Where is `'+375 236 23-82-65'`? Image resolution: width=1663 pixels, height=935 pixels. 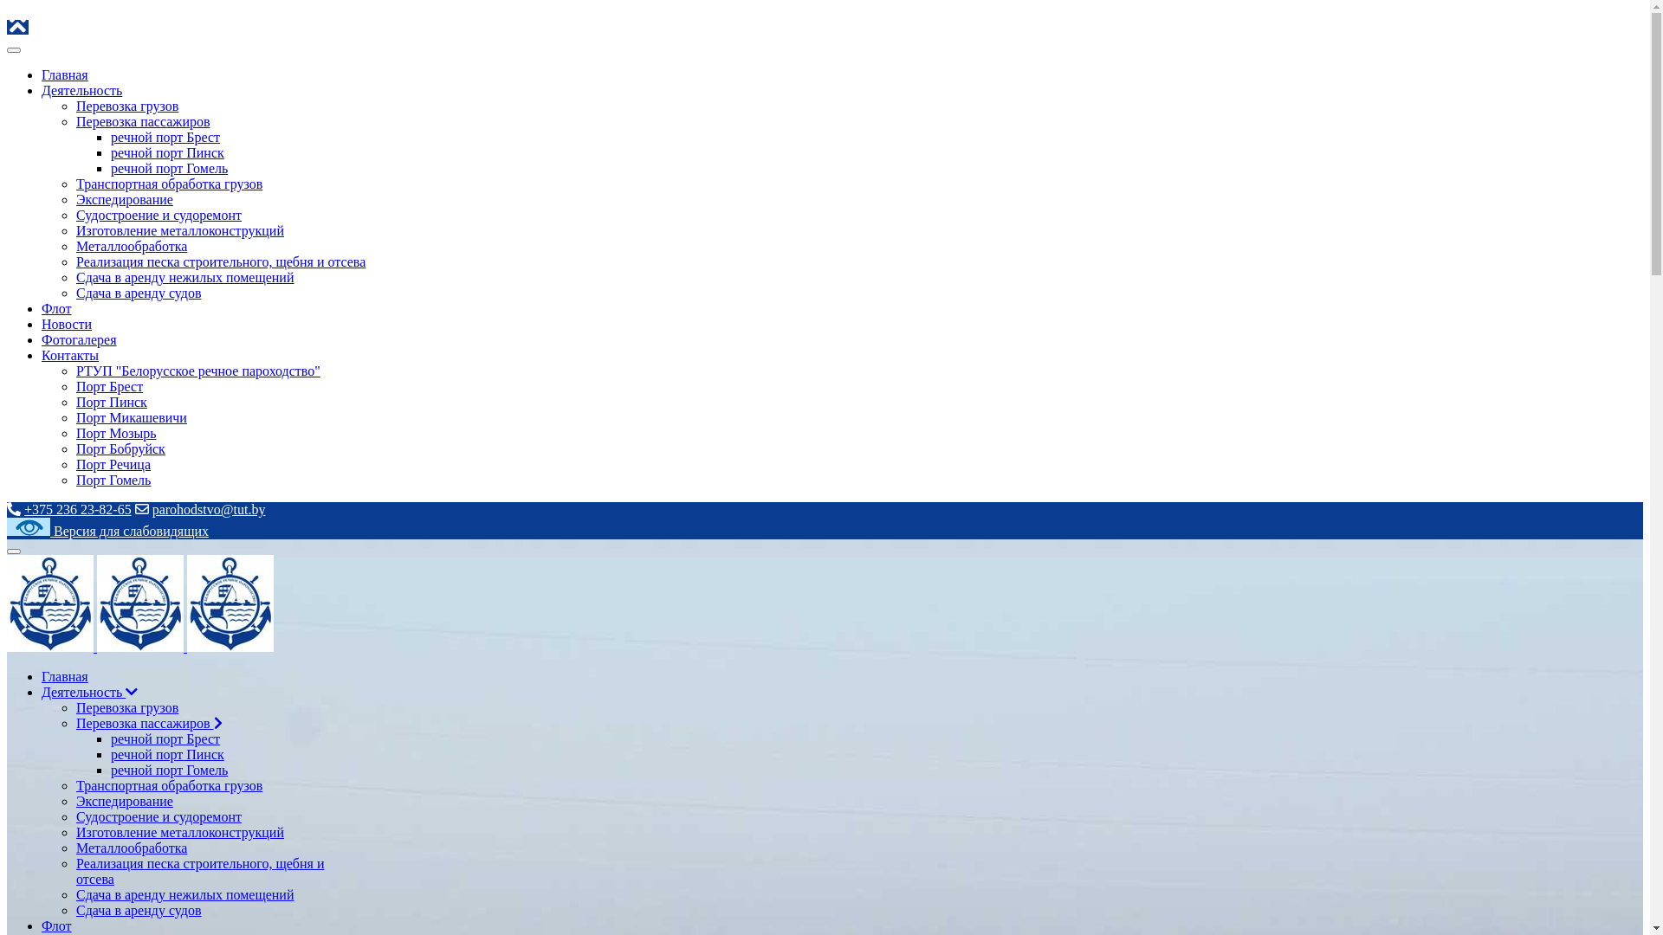 '+375 236 23-82-65' is located at coordinates (24, 508).